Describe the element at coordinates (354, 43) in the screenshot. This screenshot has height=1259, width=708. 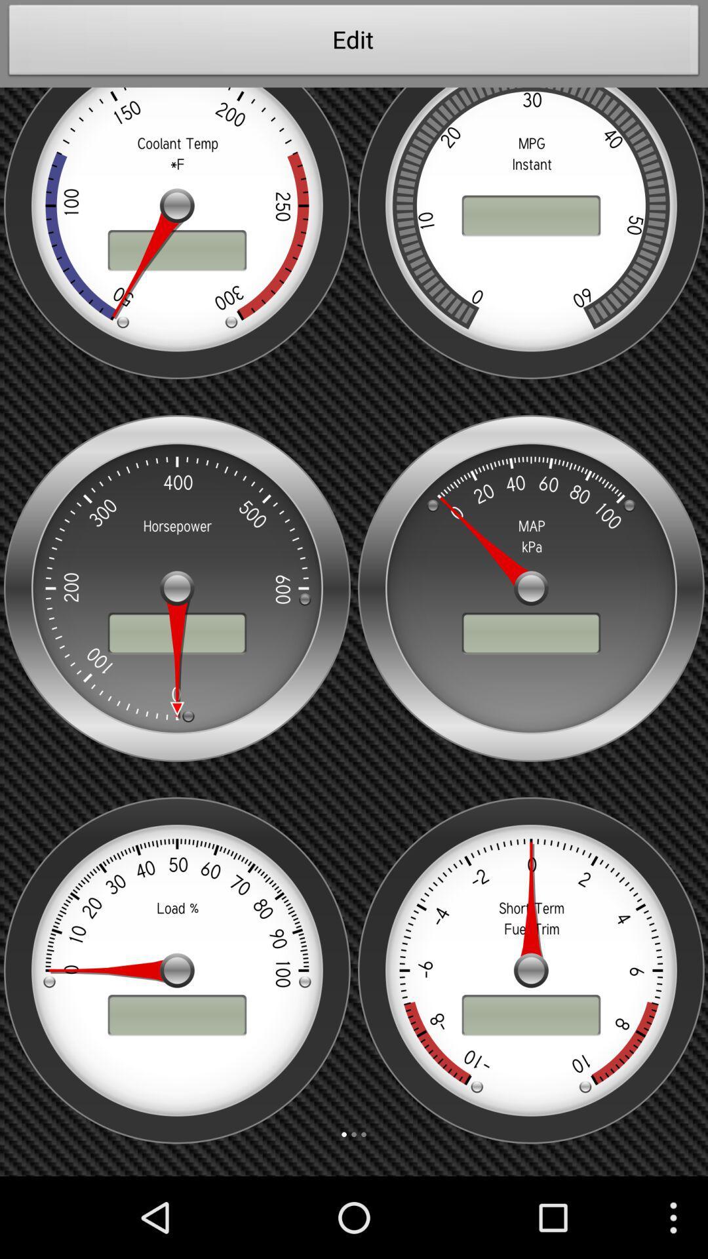
I see `icon at the top` at that location.